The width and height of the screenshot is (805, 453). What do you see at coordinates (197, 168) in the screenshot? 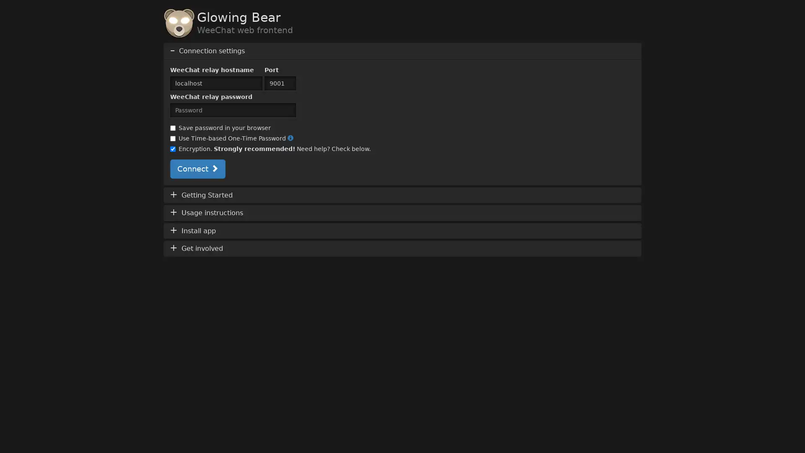
I see `Connect` at bounding box center [197, 168].